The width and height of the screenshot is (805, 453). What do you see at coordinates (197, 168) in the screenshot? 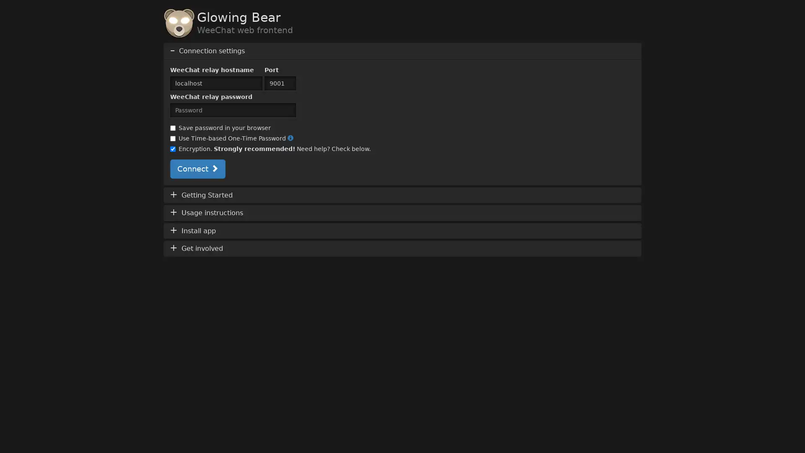
I see `Connect` at bounding box center [197, 168].